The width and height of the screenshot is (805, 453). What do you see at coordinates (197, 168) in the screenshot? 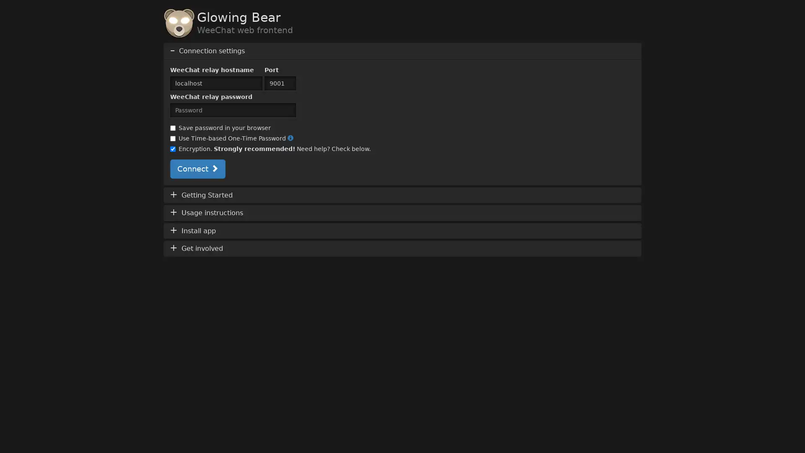
I see `Connect` at bounding box center [197, 168].